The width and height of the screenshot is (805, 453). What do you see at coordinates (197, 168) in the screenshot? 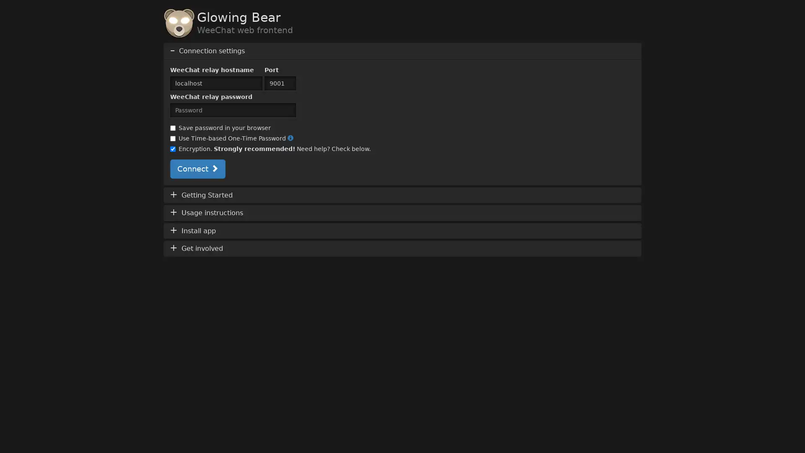
I see `Connect` at bounding box center [197, 168].